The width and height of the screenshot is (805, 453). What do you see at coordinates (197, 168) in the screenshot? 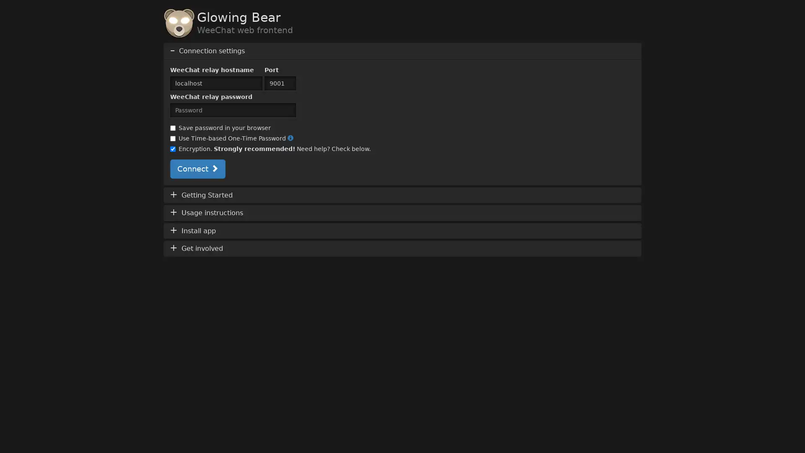
I see `Connect` at bounding box center [197, 168].